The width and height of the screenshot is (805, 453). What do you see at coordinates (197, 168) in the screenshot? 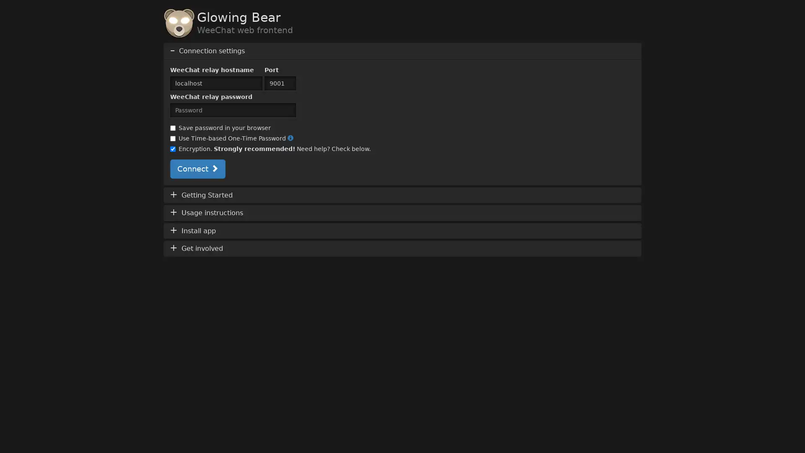
I see `Connect` at bounding box center [197, 168].